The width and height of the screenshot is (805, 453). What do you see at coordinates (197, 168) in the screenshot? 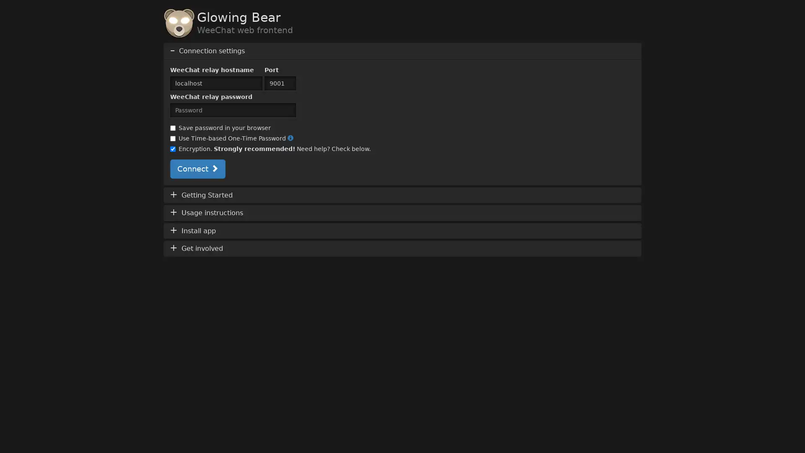
I see `Connect` at bounding box center [197, 168].